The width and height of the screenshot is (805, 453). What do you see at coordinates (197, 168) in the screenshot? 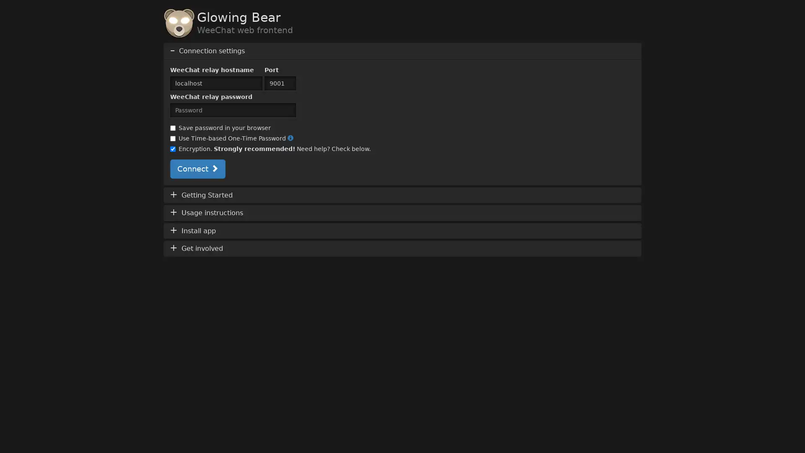
I see `Connect` at bounding box center [197, 168].